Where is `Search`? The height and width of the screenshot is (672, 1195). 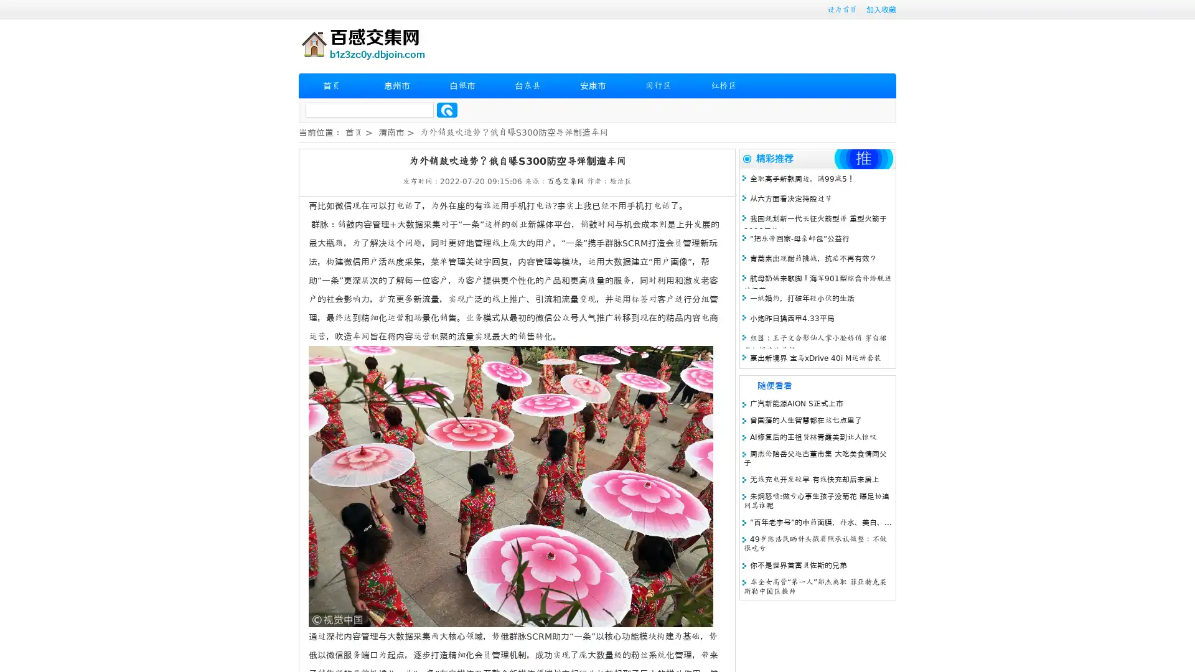
Search is located at coordinates (447, 110).